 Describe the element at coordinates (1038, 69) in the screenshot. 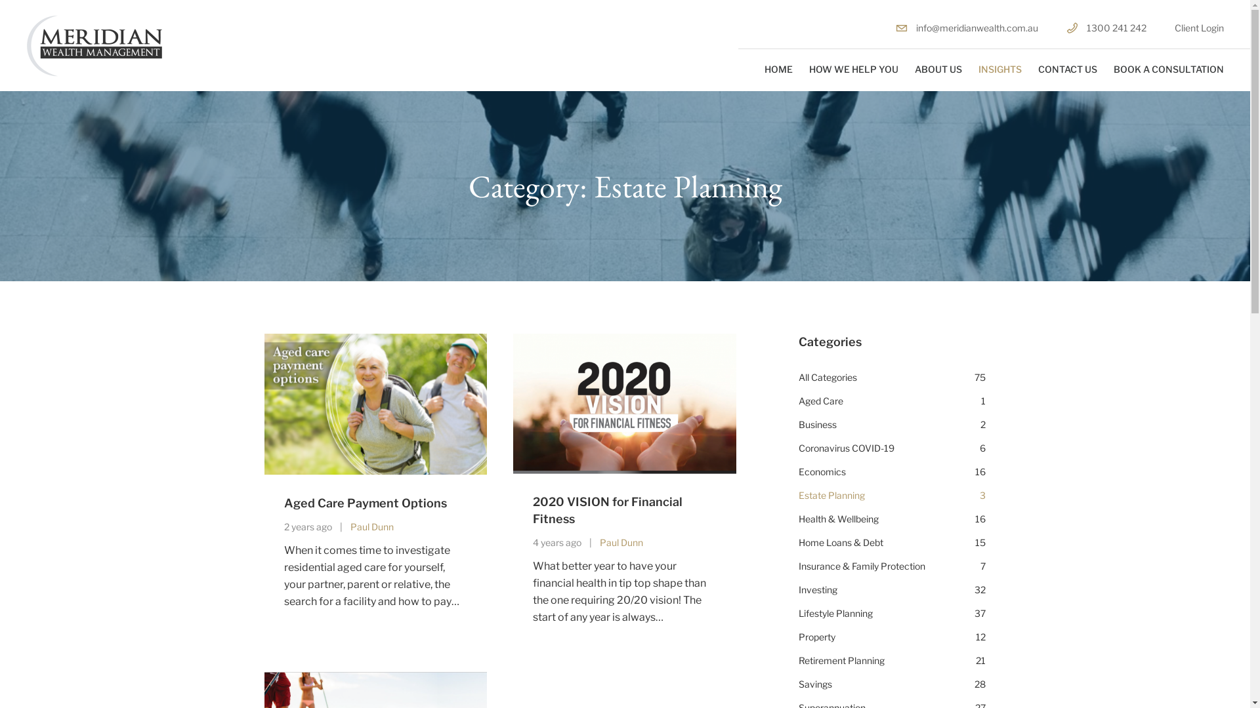

I see `'CONTACT US'` at that location.